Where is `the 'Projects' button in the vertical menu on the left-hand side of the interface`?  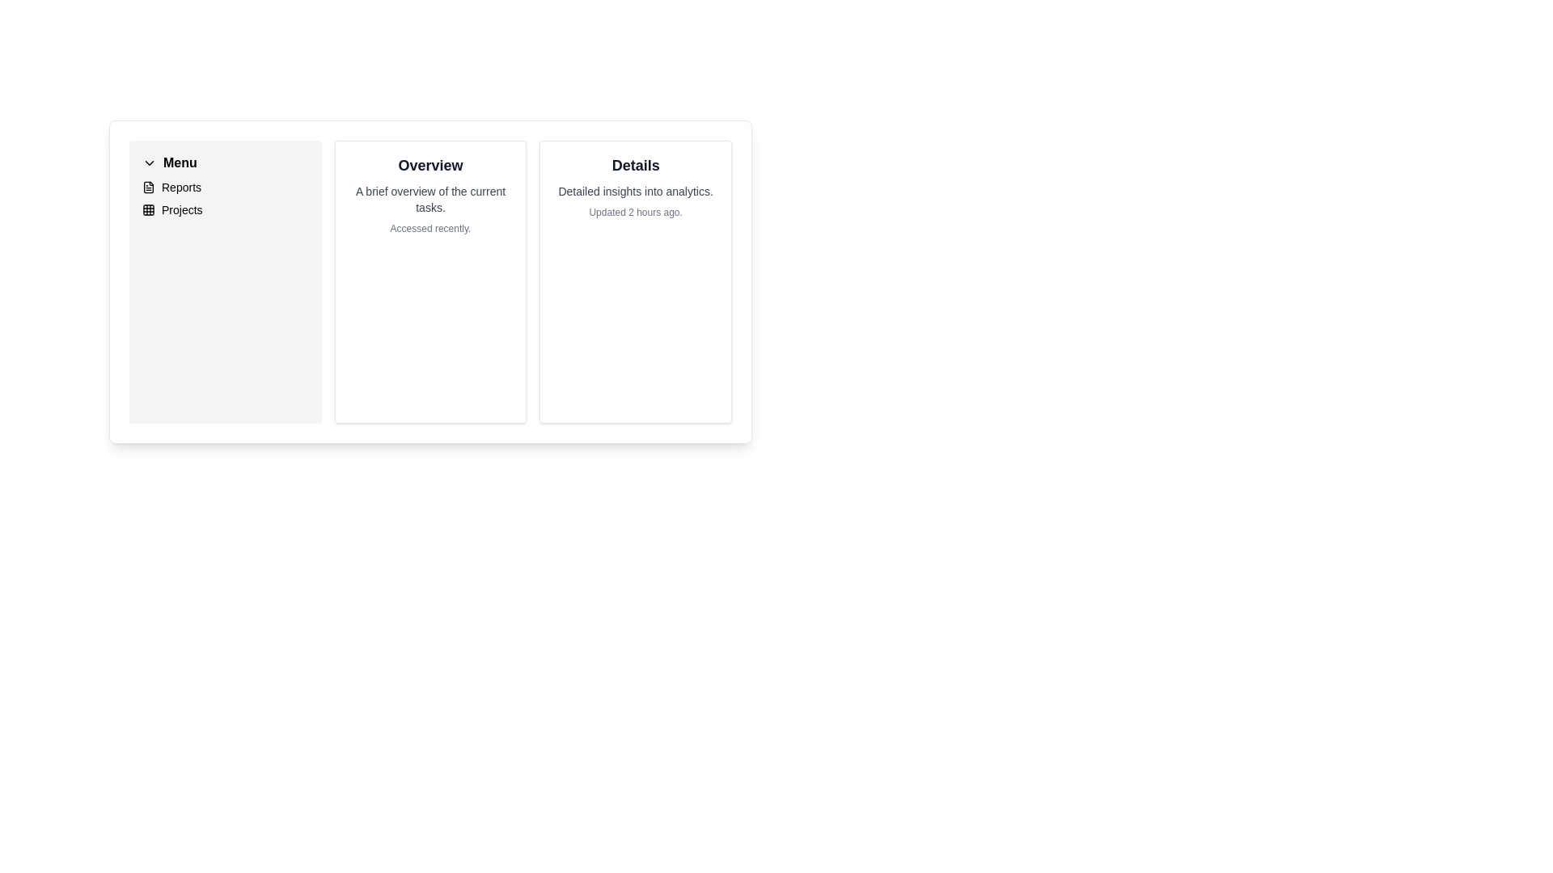
the 'Projects' button in the vertical menu on the left-hand side of the interface is located at coordinates (182, 209).